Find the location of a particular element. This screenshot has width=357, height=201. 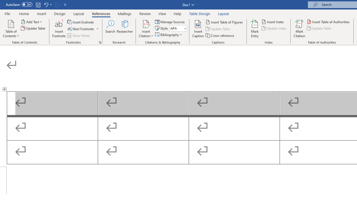

'Update Index' is located at coordinates (274, 28).